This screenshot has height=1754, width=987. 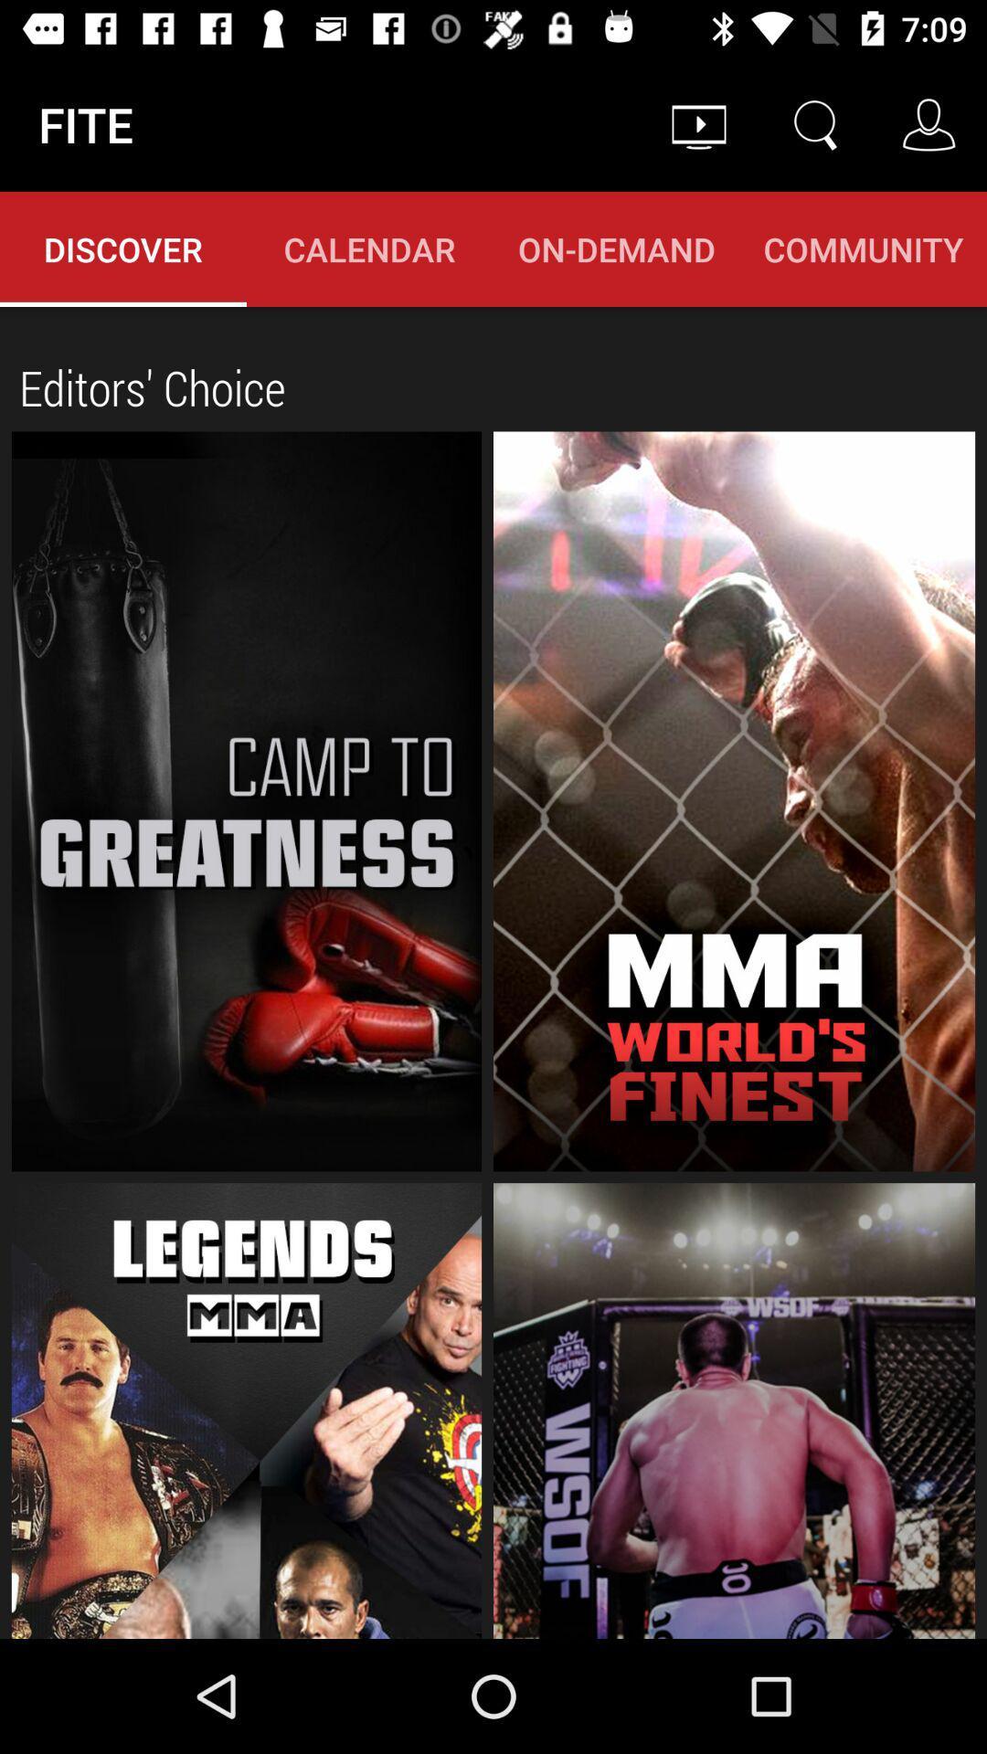 I want to click on the item above community icon, so click(x=813, y=123).